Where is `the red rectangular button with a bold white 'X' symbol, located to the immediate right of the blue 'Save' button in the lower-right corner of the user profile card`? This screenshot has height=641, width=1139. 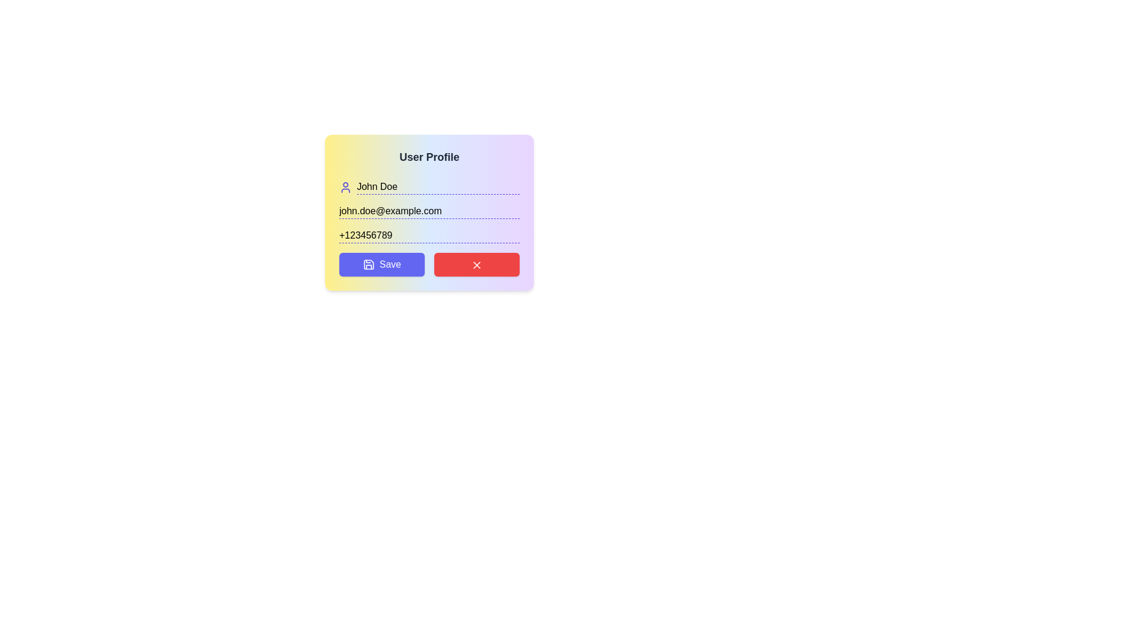
the red rectangular button with a bold white 'X' symbol, located to the immediate right of the blue 'Save' button in the lower-right corner of the user profile card is located at coordinates (477, 264).